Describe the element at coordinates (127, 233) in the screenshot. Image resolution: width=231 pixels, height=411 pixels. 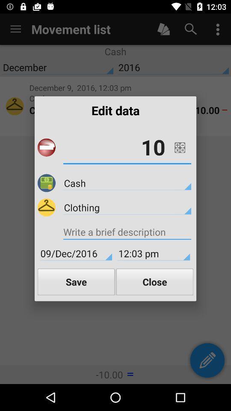
I see `description input` at that location.